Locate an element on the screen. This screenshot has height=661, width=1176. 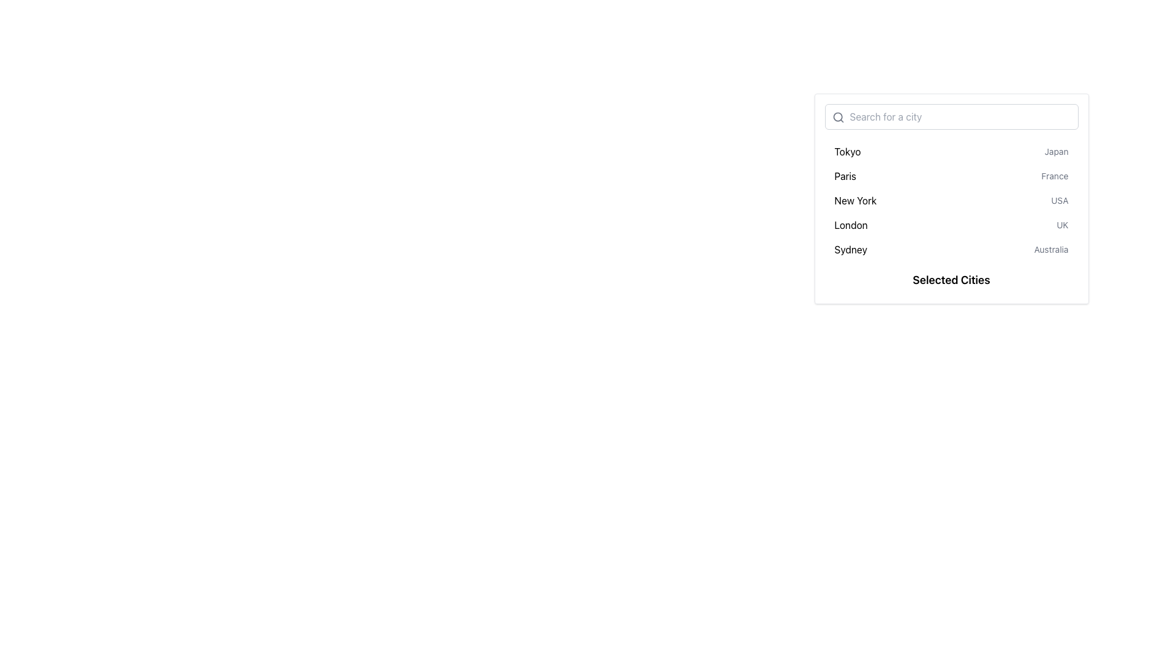
the third list item displaying 'New York' on the left and 'USA' on the right is located at coordinates (951, 200).